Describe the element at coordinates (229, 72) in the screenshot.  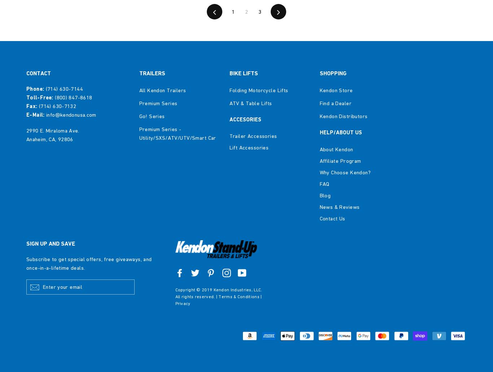
I see `'BIKE LIFTS'` at that location.